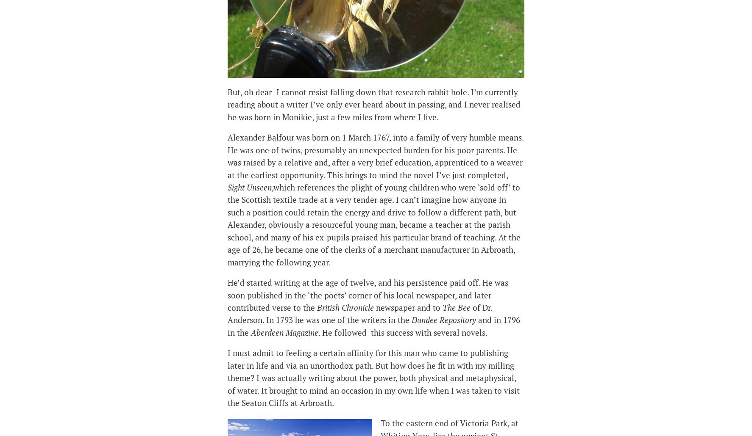 This screenshot has height=436, width=752. What do you see at coordinates (375, 156) in the screenshot?
I see `'Alexander Balfour was born on 1 March 1767, into a family of very humble means. He was one of twins, presumably an unexpected burden for his poor parents. He was raised by a relative and, after a very brief education, apprenticed to a weaver at the earliest opportunity. This brings to mind the novel I’ve just completed,'` at bounding box center [375, 156].